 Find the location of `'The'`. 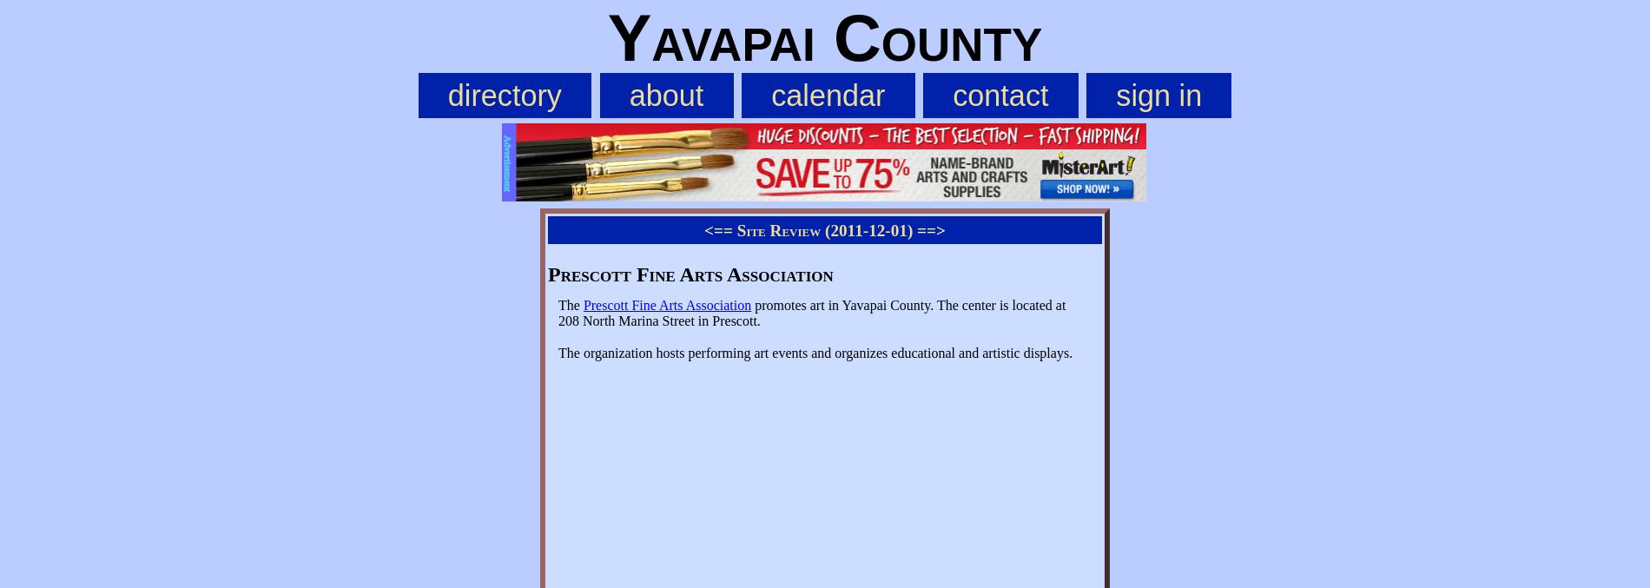

'The' is located at coordinates (571, 305).